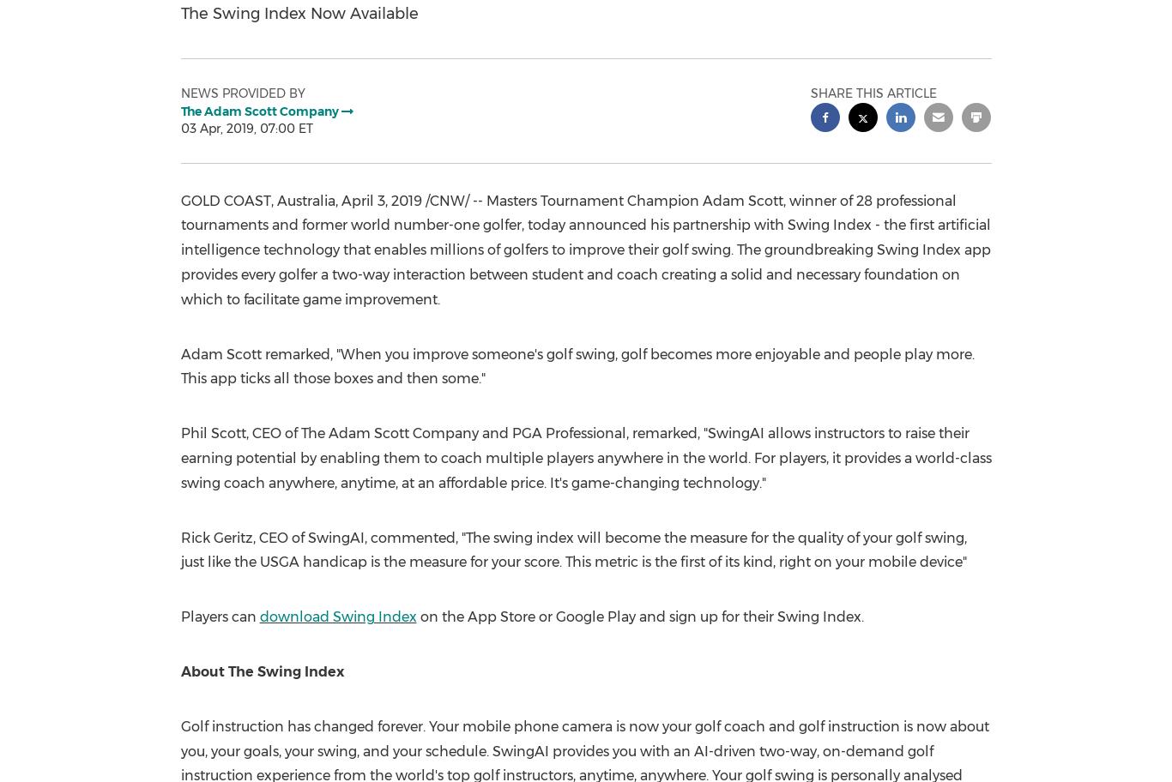 Image resolution: width=1172 pixels, height=782 pixels. Describe the element at coordinates (662, 432) in the screenshot. I see `'remarked'` at that location.